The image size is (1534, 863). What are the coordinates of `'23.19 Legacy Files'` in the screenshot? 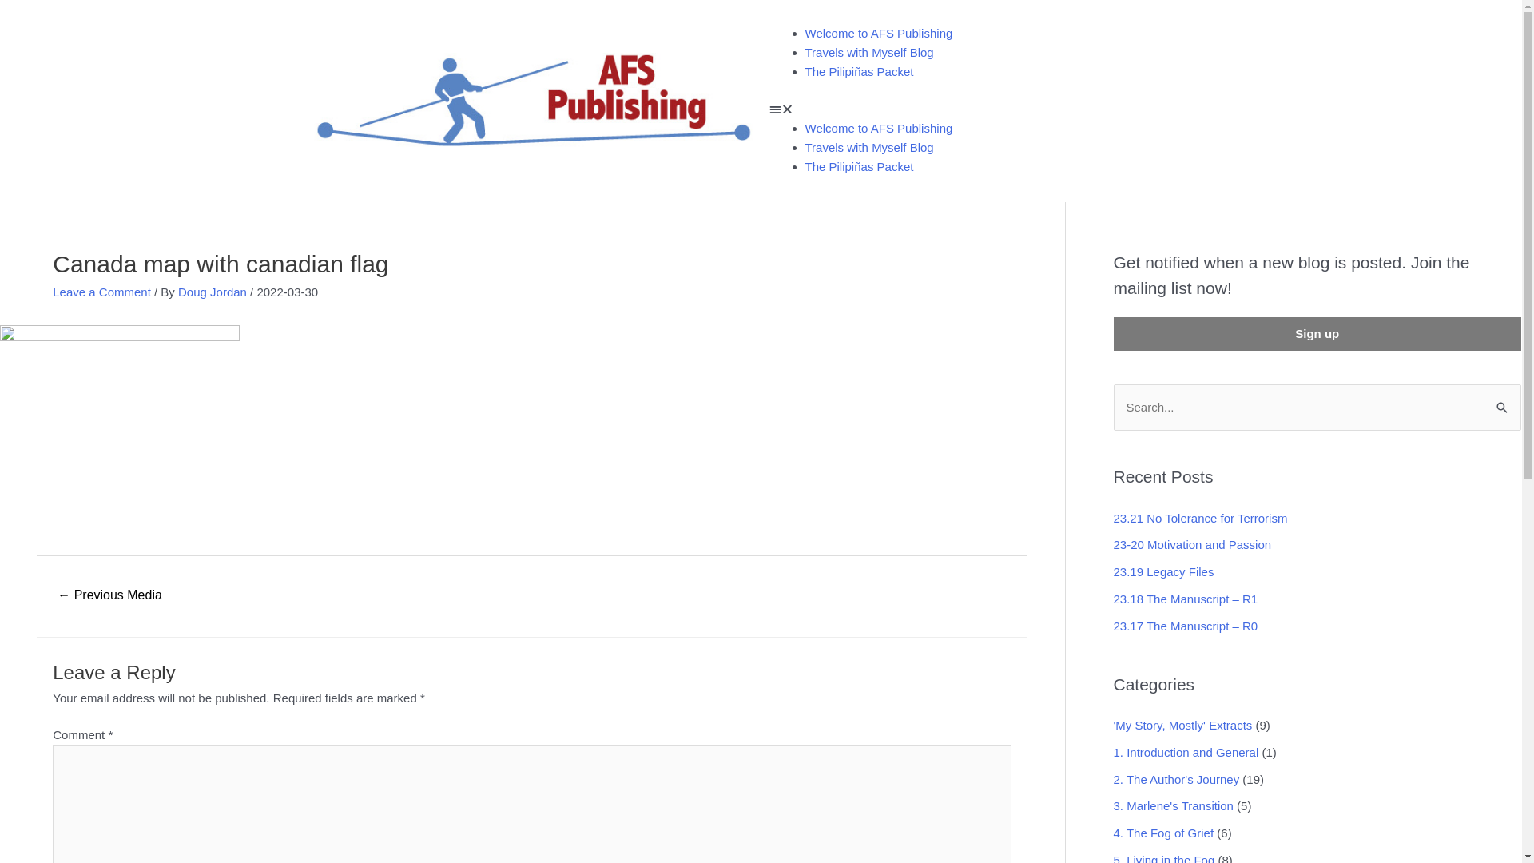 It's located at (1112, 571).